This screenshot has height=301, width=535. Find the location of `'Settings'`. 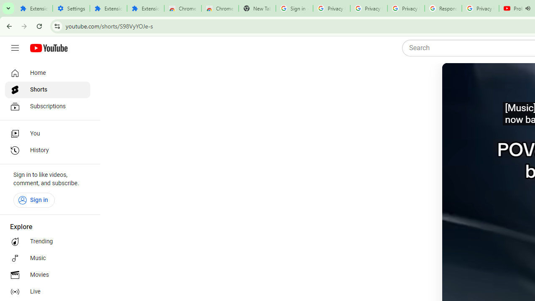

'Settings' is located at coordinates (71, 8).